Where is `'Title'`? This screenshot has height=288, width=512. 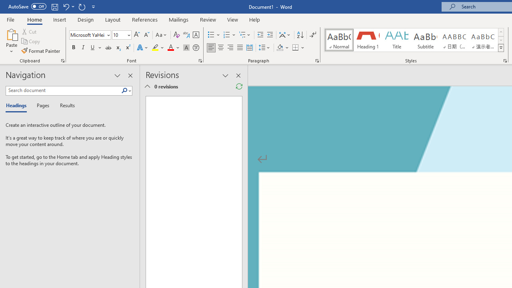
'Title' is located at coordinates (397, 40).